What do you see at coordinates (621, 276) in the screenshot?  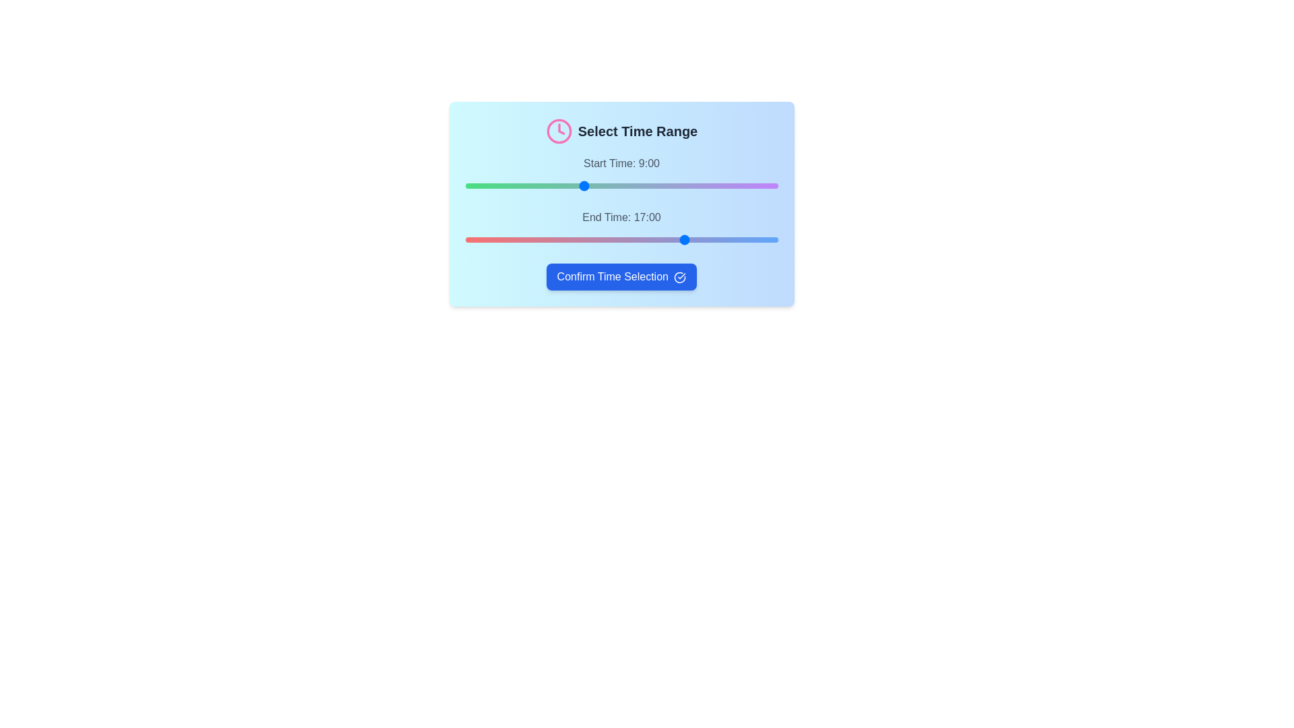 I see `the 'Confirm Time Selection' button to finalize the selection` at bounding box center [621, 276].